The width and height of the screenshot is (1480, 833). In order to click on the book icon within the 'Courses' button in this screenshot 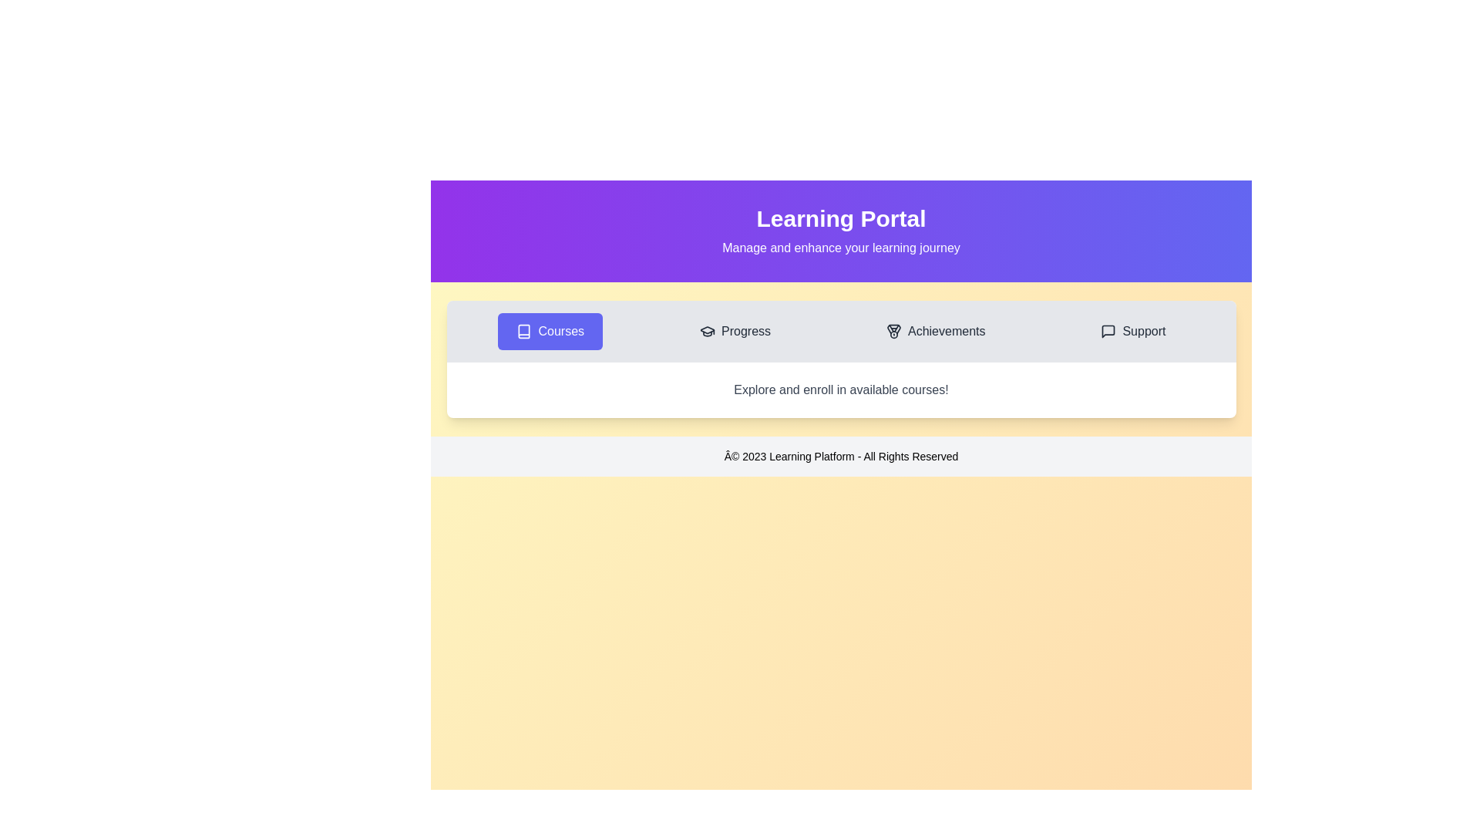, I will do `click(524, 330)`.